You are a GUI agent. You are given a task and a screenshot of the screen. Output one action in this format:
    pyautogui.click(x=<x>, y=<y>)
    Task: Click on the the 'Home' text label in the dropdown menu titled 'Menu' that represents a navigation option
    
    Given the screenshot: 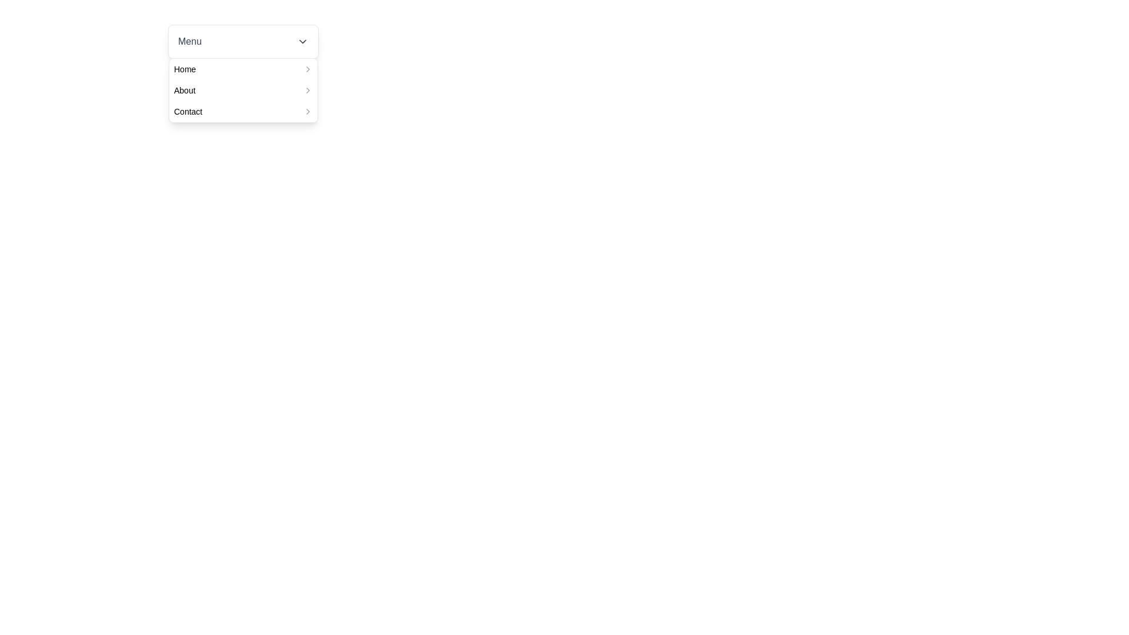 What is the action you would take?
    pyautogui.click(x=184, y=69)
    